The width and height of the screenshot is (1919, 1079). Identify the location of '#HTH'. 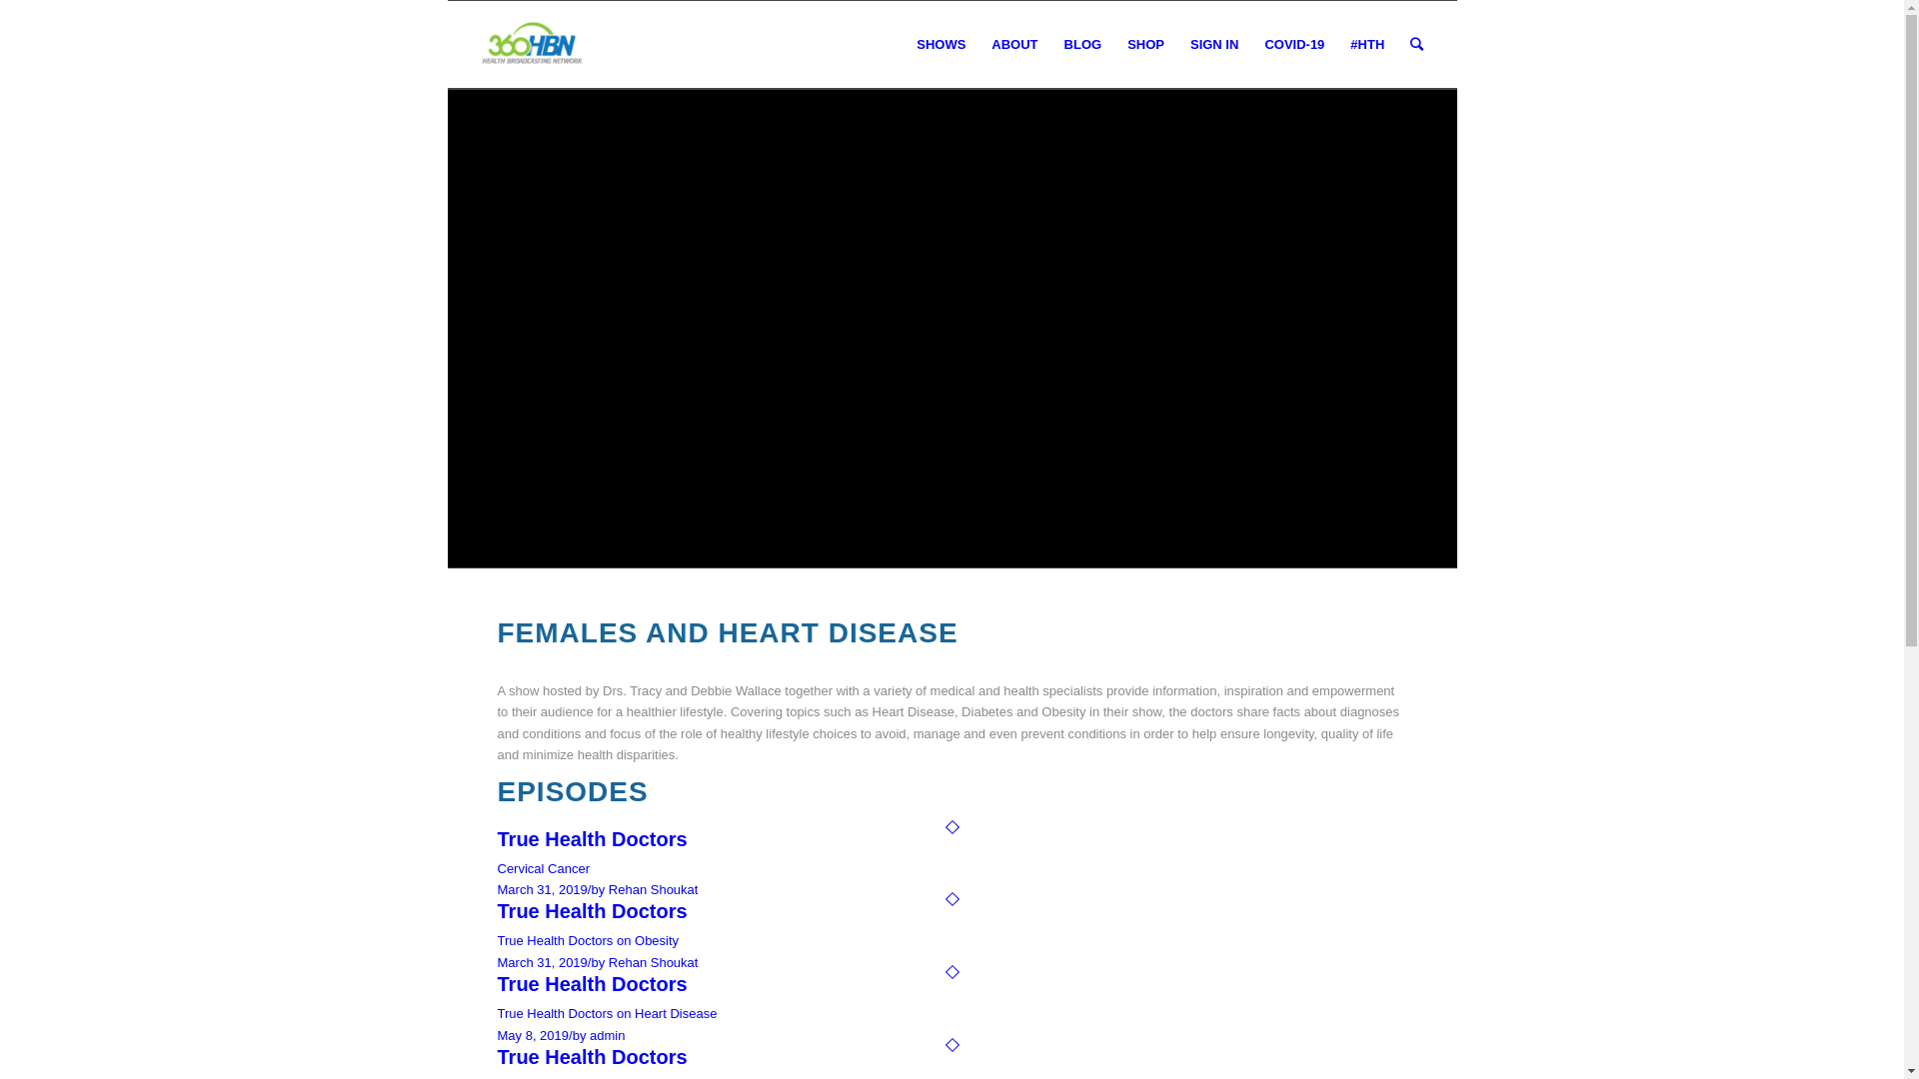
(1366, 45).